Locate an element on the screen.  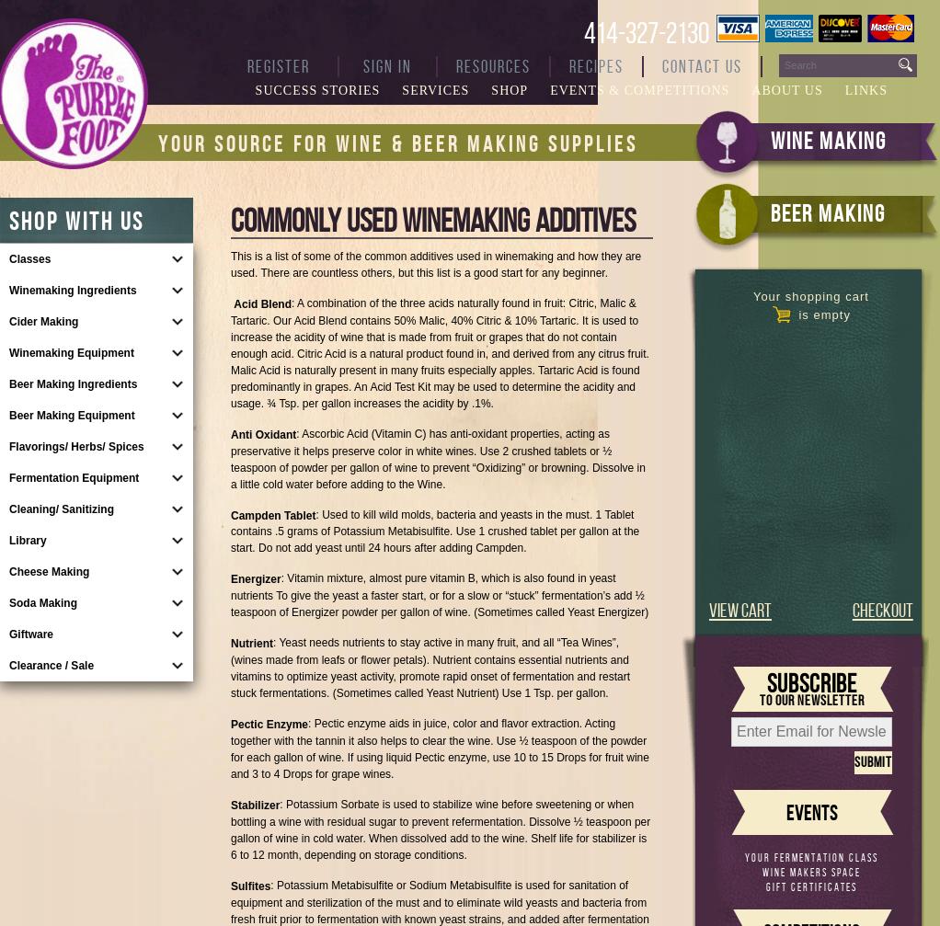
'414-327-2130' is located at coordinates (647, 32).